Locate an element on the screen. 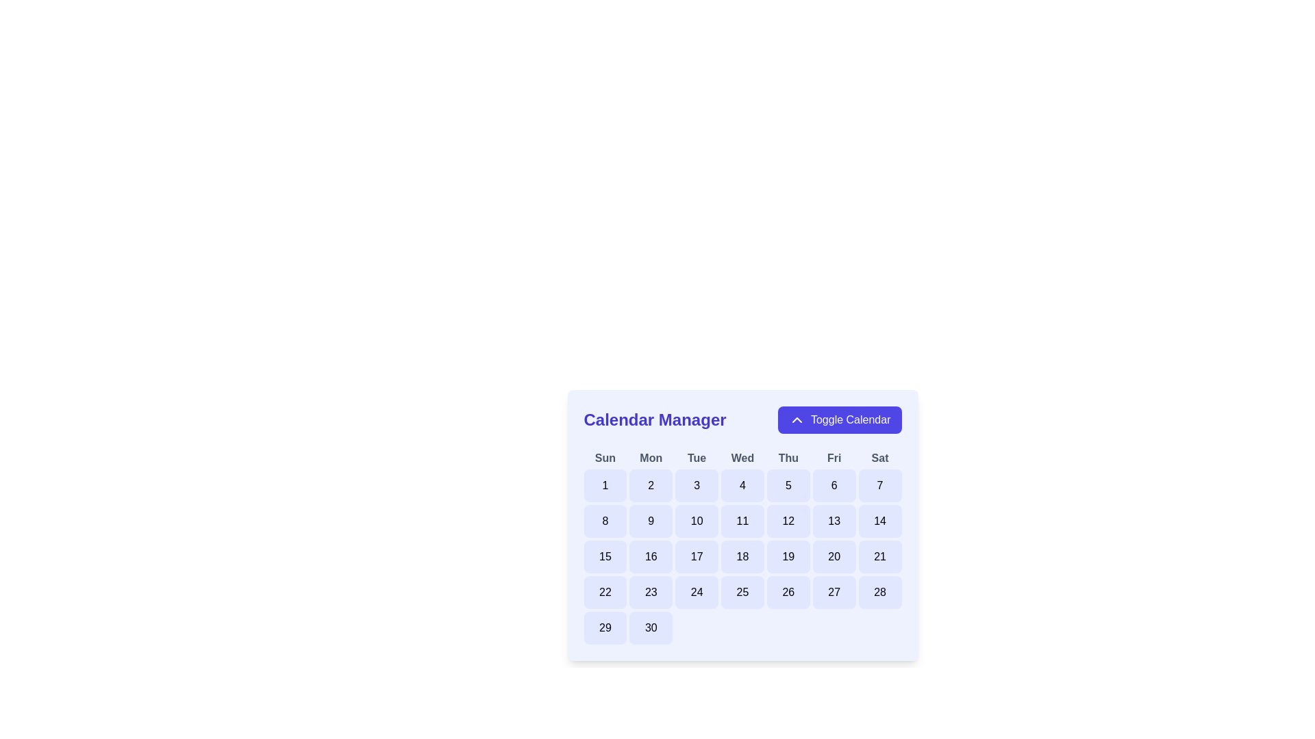  the button labeled '30' with a light indigo background, which is the last day in the fifth week of the calendar located in the sixth column is located at coordinates (650, 628).